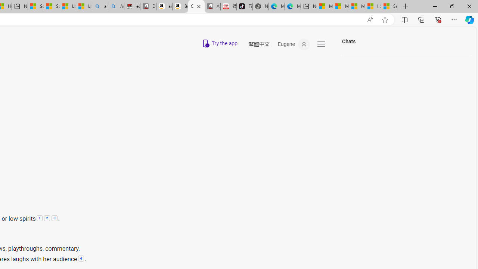  I want to click on 'Amazon Echo Dot PNG - Search Images', so click(116, 6).